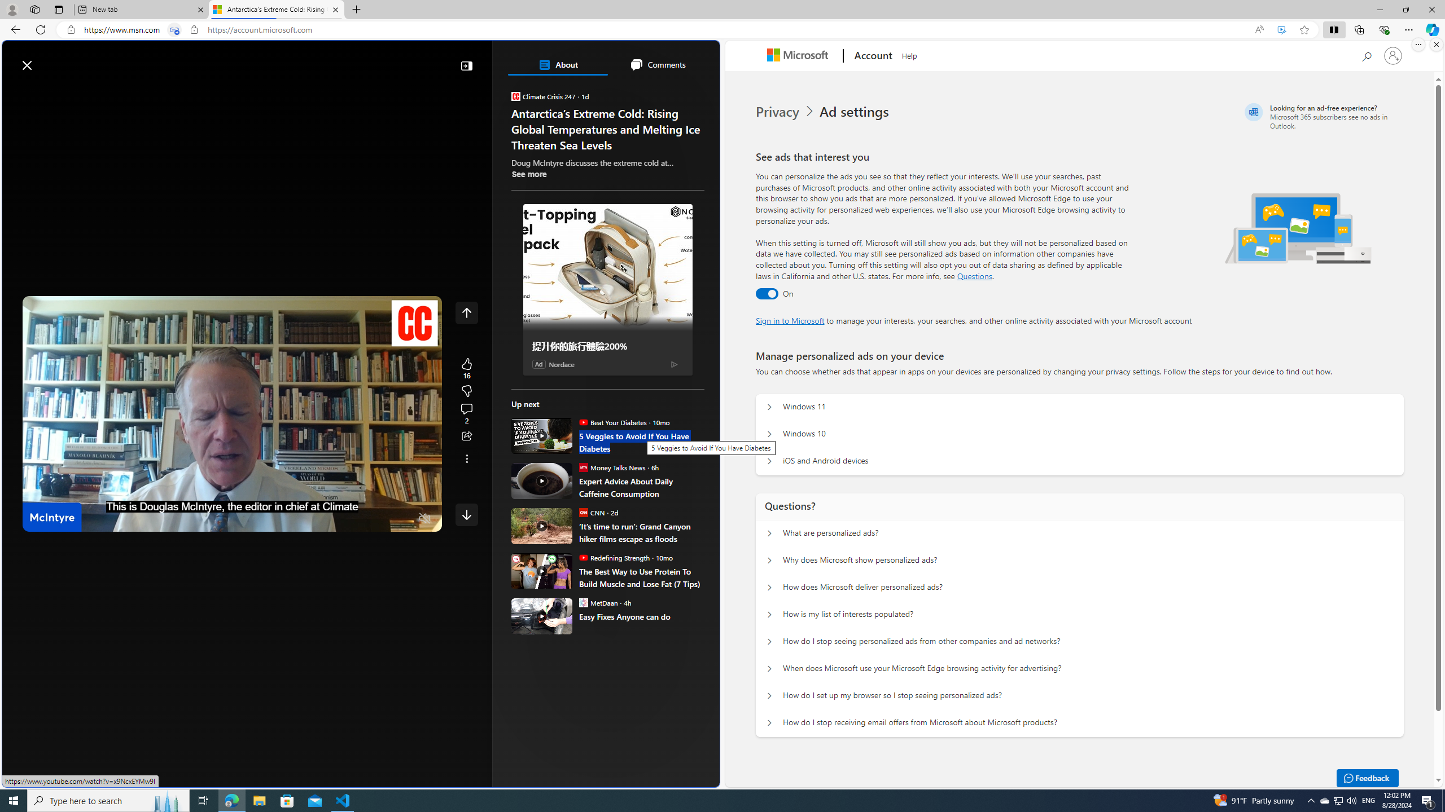 This screenshot has height=812, width=1445. What do you see at coordinates (582, 466) in the screenshot?
I see `'Money Talks News'` at bounding box center [582, 466].